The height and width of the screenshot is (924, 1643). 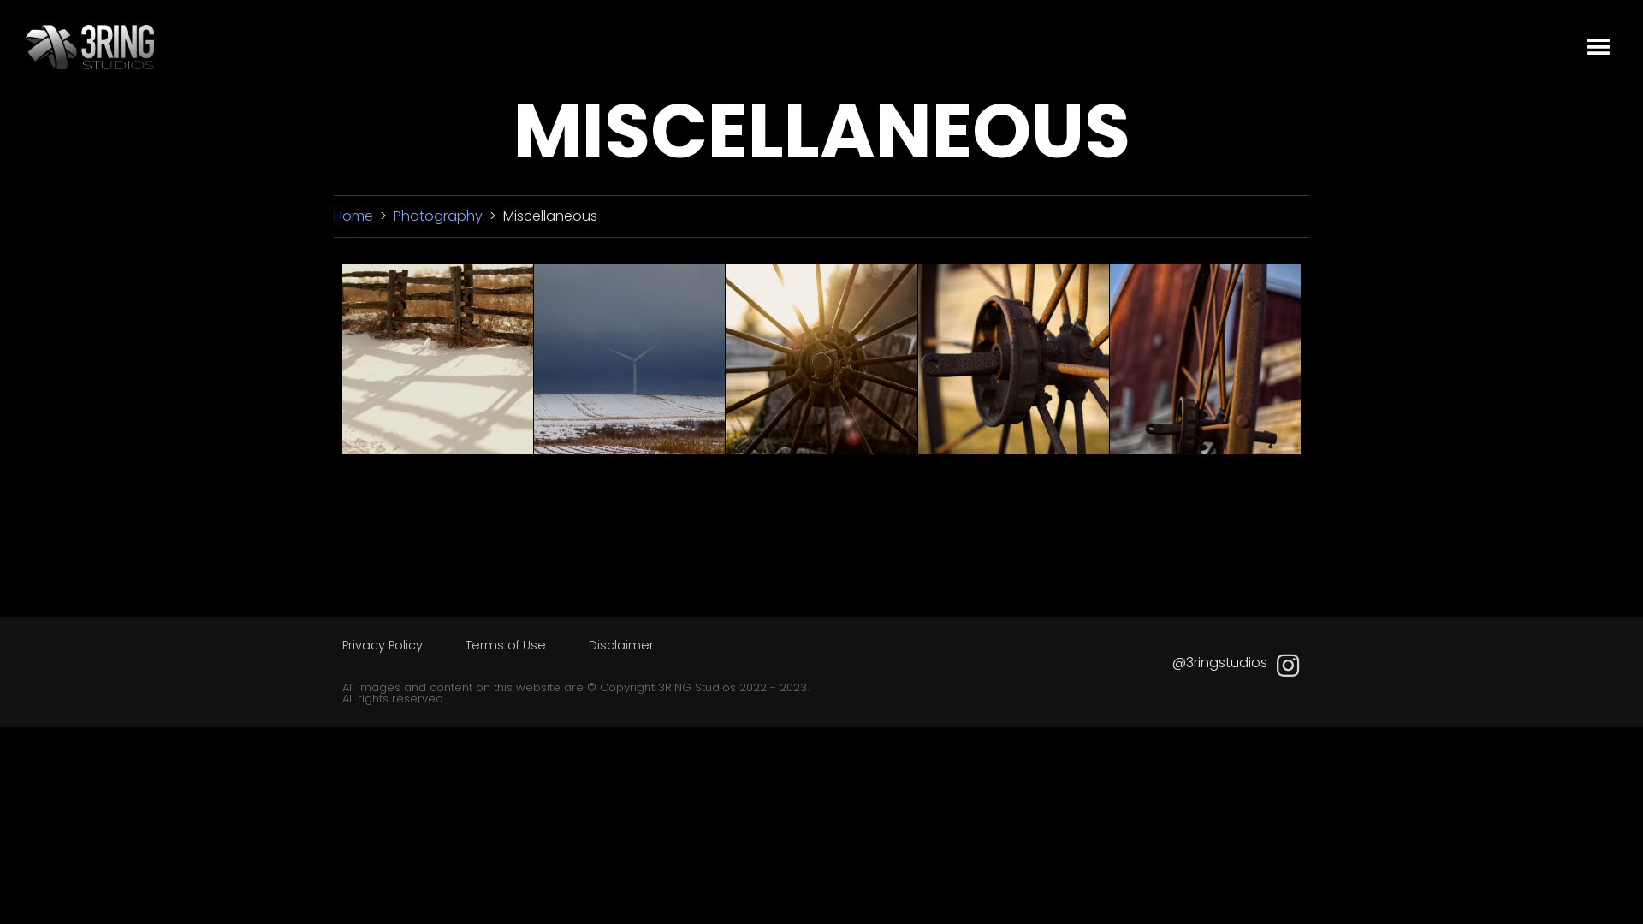 I want to click on 'Home', so click(x=333, y=215).